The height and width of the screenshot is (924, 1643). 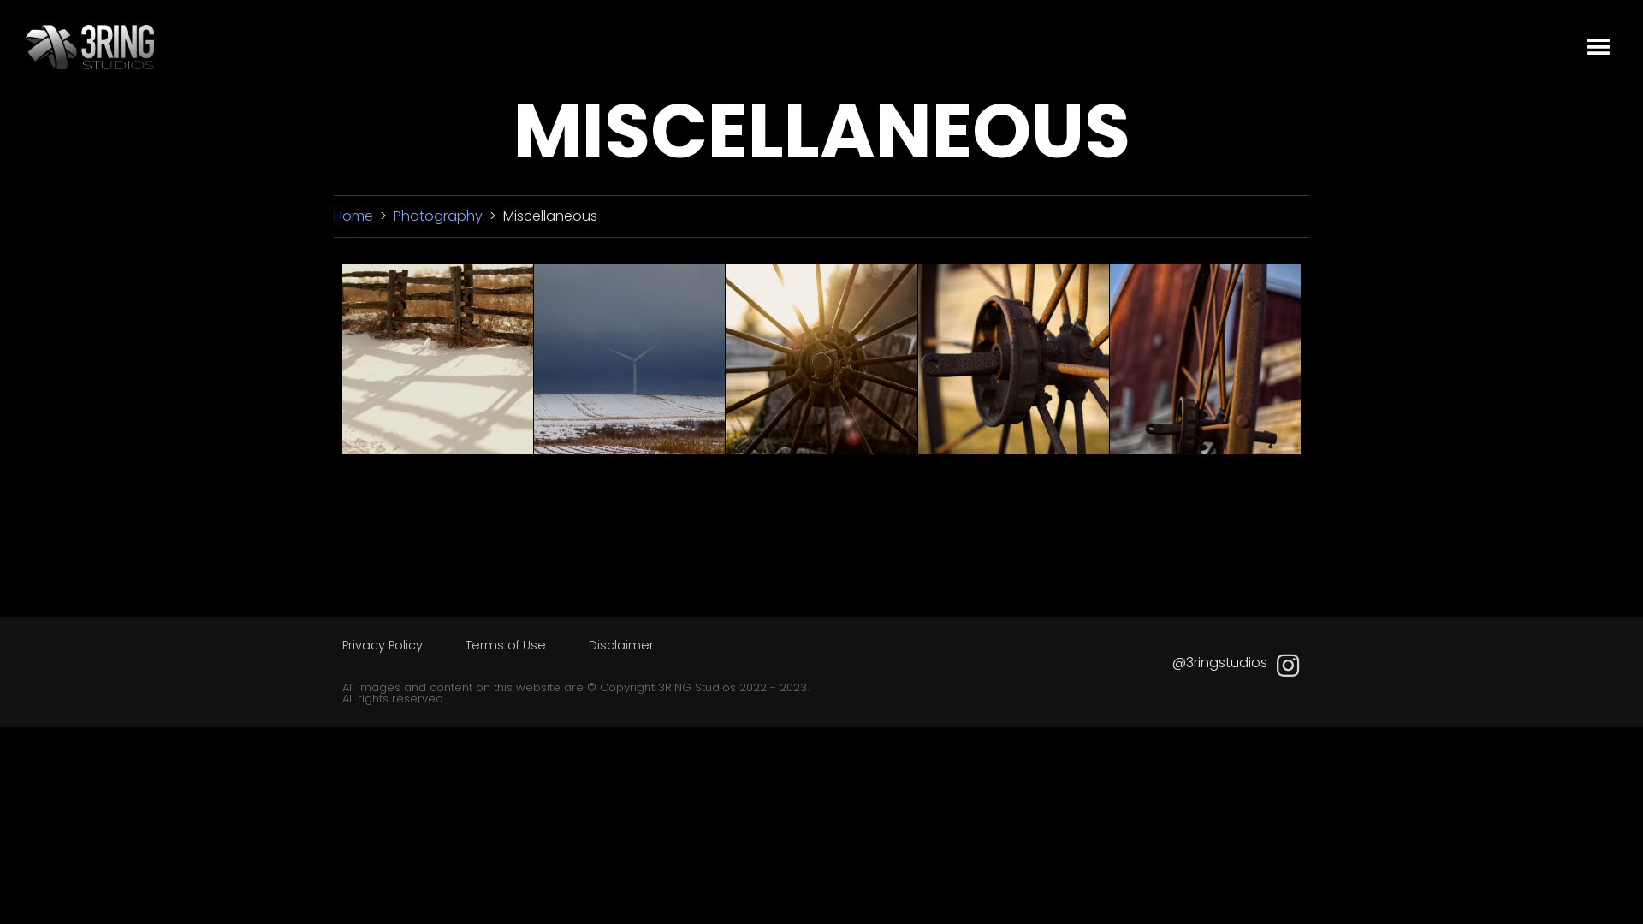 I want to click on 'Home', so click(x=333, y=215).